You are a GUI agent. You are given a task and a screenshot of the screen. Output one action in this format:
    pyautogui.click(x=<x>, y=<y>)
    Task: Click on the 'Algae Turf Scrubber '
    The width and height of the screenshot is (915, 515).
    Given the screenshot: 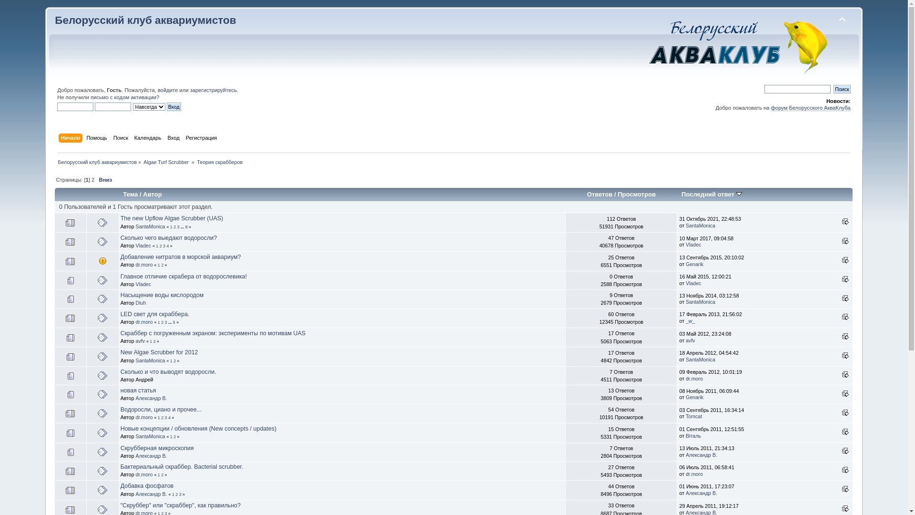 What is the action you would take?
    pyautogui.click(x=143, y=161)
    